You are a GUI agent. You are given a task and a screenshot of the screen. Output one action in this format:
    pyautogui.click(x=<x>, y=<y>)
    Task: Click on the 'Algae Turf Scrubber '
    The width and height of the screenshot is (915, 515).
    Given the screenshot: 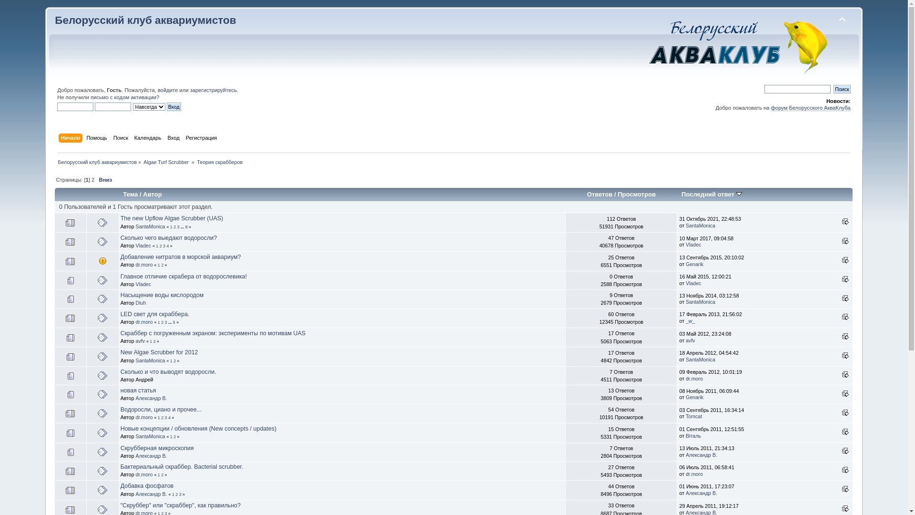 What is the action you would take?
    pyautogui.click(x=143, y=161)
    